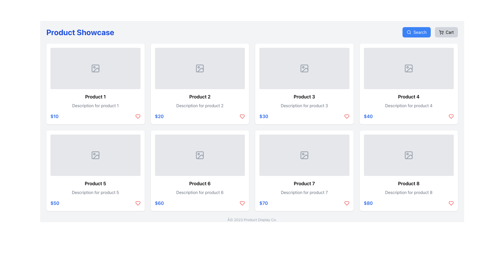 The height and width of the screenshot is (279, 497). What do you see at coordinates (416, 32) in the screenshot?
I see `the 'Search' button located at the top-right corner of the interface, next to the 'Cart' button, to initiate a search` at bounding box center [416, 32].